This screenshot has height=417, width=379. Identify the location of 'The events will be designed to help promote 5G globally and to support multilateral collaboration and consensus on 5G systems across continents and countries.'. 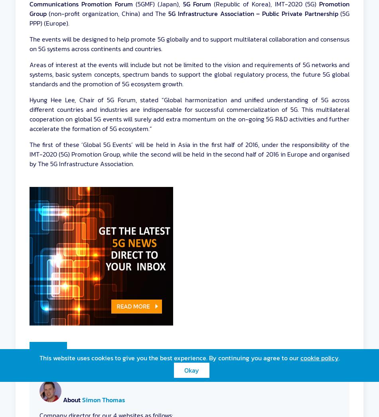
(189, 44).